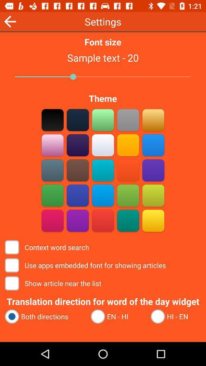 This screenshot has width=206, height=366. What do you see at coordinates (48, 247) in the screenshot?
I see `the context word search checkbox` at bounding box center [48, 247].